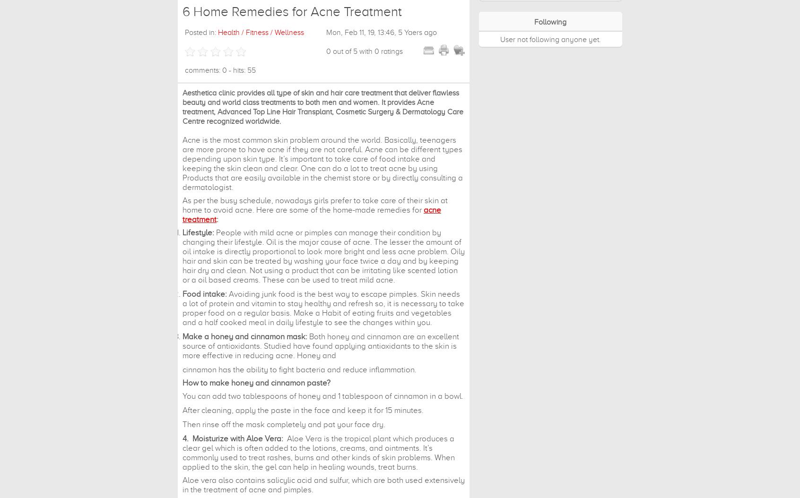 The height and width of the screenshot is (498, 800). What do you see at coordinates (323, 107) in the screenshot?
I see `'Aesthetica clinic provides all type of skin and hair care treatment that deliver flawless beauty and world class treatments to both men and women. It provides Acne treatment, Advanced Top Line Hair Transplant, Cosmetic Surgery & Dermatology Care Centre recognized worldwide.'` at bounding box center [323, 107].